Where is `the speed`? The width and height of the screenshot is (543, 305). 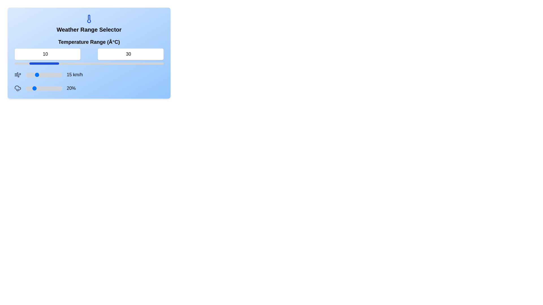 the speed is located at coordinates (57, 75).